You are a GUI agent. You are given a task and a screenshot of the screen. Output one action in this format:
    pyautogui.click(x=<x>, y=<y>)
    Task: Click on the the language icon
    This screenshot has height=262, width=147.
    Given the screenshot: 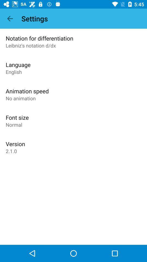 What is the action you would take?
    pyautogui.click(x=18, y=65)
    